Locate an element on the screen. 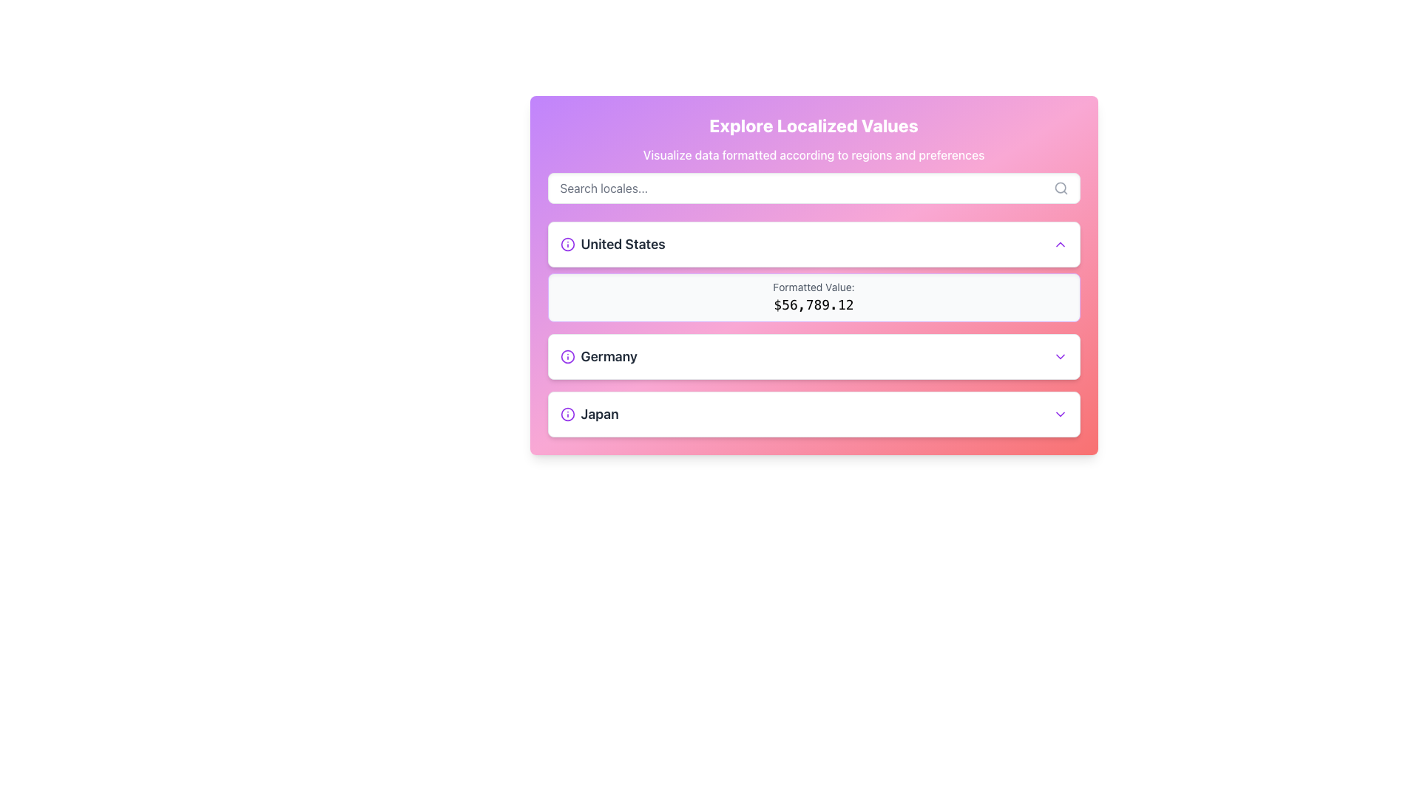  the SVG icon representing a chevron pointing upwards located in the top-right corner of the 'United States' panel to receive visual feedback is located at coordinates (1059, 244).